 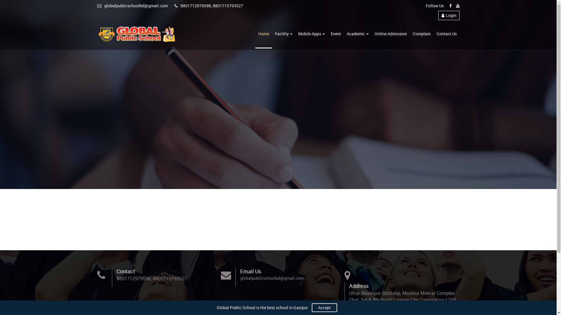 What do you see at coordinates (251, 271) in the screenshot?
I see `'Email Us'` at bounding box center [251, 271].